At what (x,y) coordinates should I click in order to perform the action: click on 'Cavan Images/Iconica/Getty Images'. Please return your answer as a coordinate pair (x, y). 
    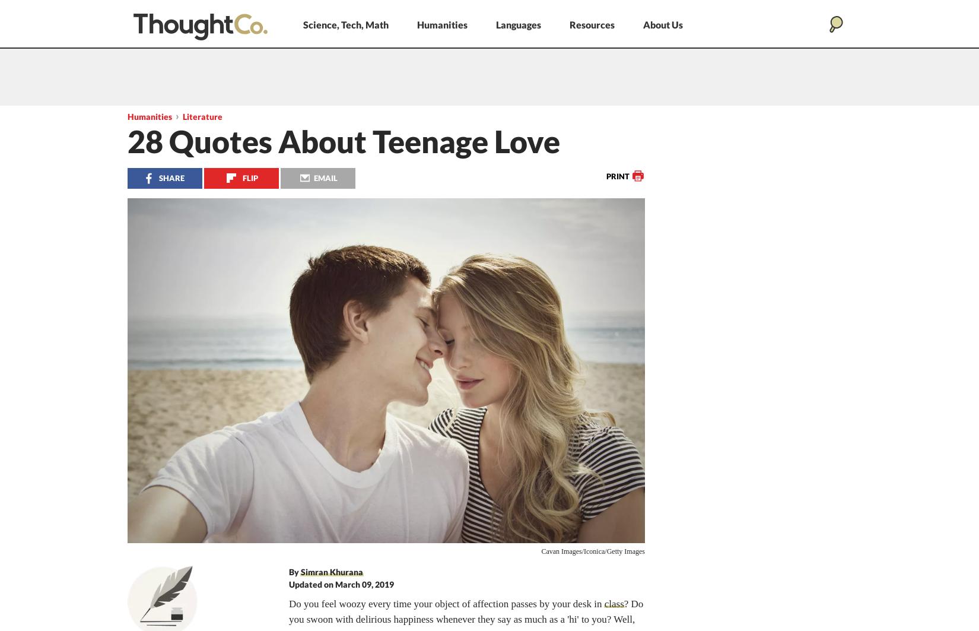
    Looking at the image, I should click on (593, 550).